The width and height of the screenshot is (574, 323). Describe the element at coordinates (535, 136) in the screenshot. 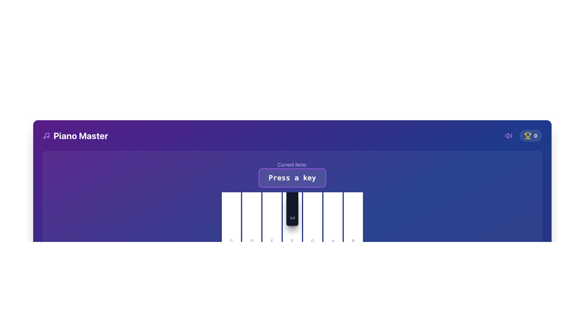

I see `the static text display that shows the score or achievement count, located near the top right corner of the layout, adjacent to the trophy icon` at that location.